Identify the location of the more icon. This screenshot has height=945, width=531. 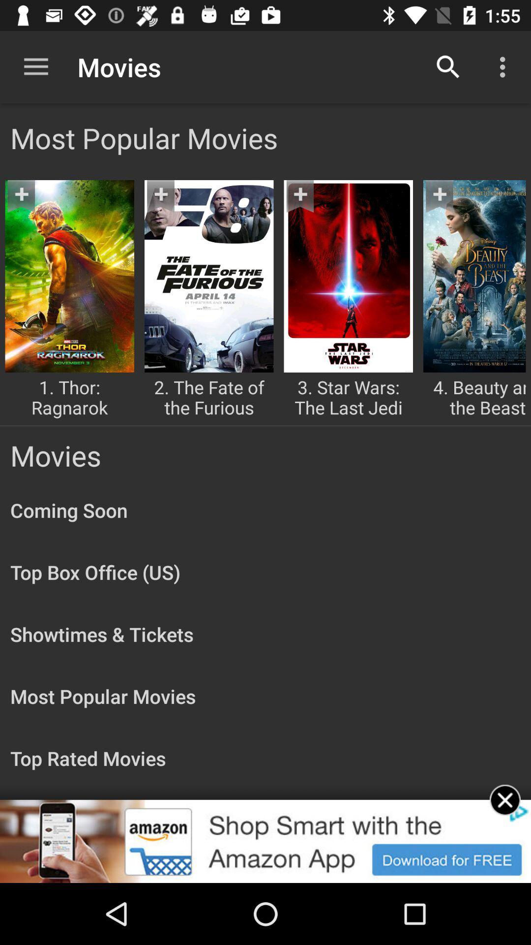
(449, 205).